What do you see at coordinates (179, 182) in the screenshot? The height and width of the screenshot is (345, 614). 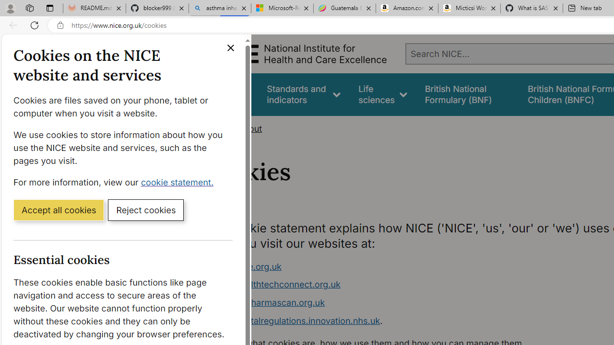 I see `'cookie statement. (Opens in a new window)'` at bounding box center [179, 182].